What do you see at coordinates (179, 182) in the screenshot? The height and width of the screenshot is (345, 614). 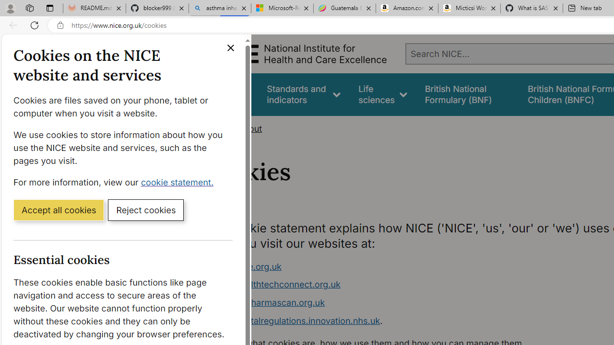 I see `'cookie statement. (Opens in a new window)'` at bounding box center [179, 182].